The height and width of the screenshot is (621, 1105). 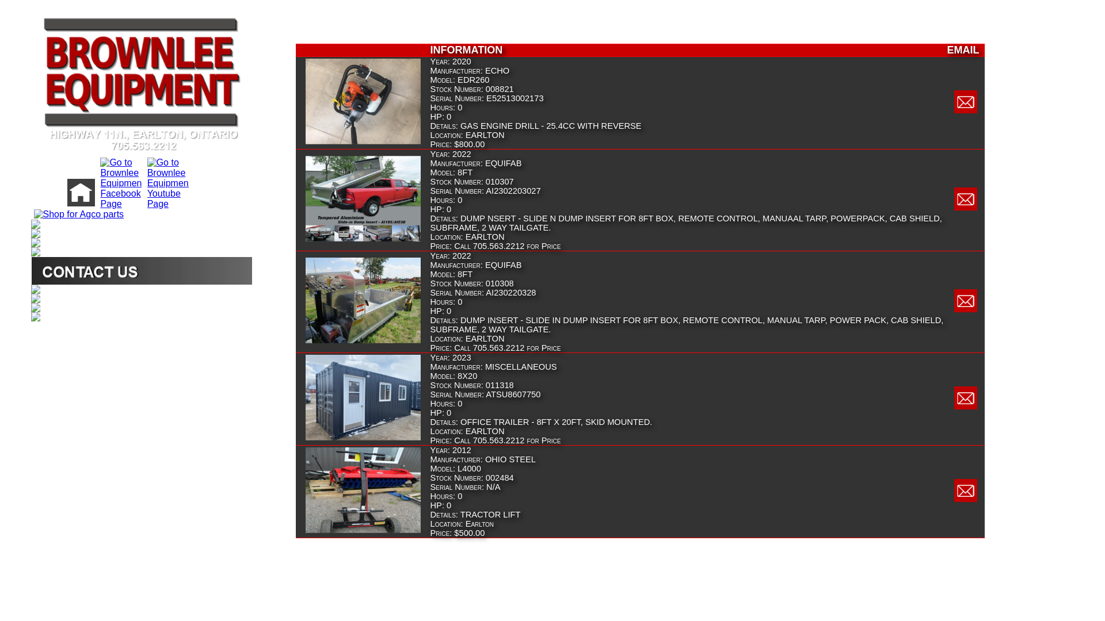 I want to click on 'Brownlee Equipment Facebook Page', so click(x=120, y=203).